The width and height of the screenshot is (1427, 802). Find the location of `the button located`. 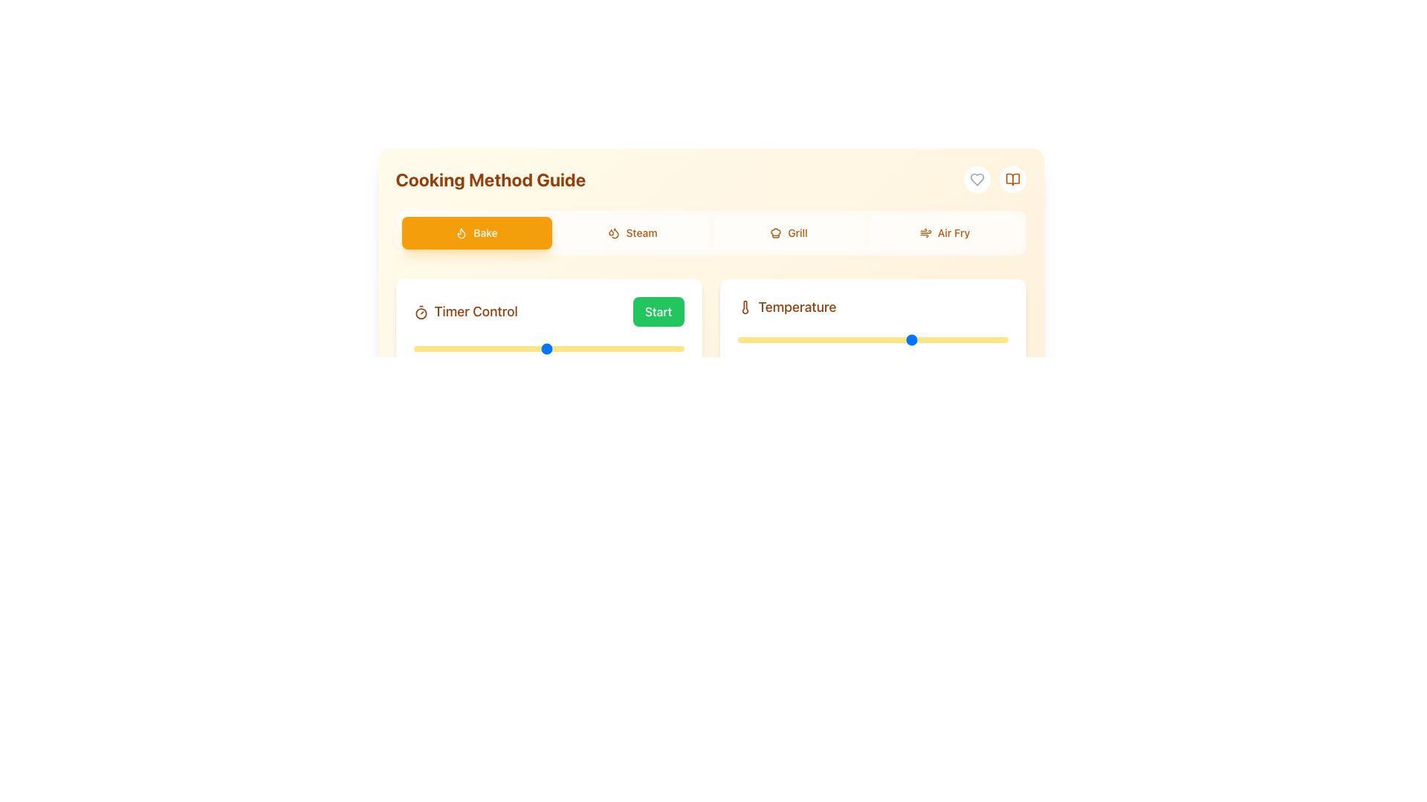

the button located is located at coordinates (1012, 179).